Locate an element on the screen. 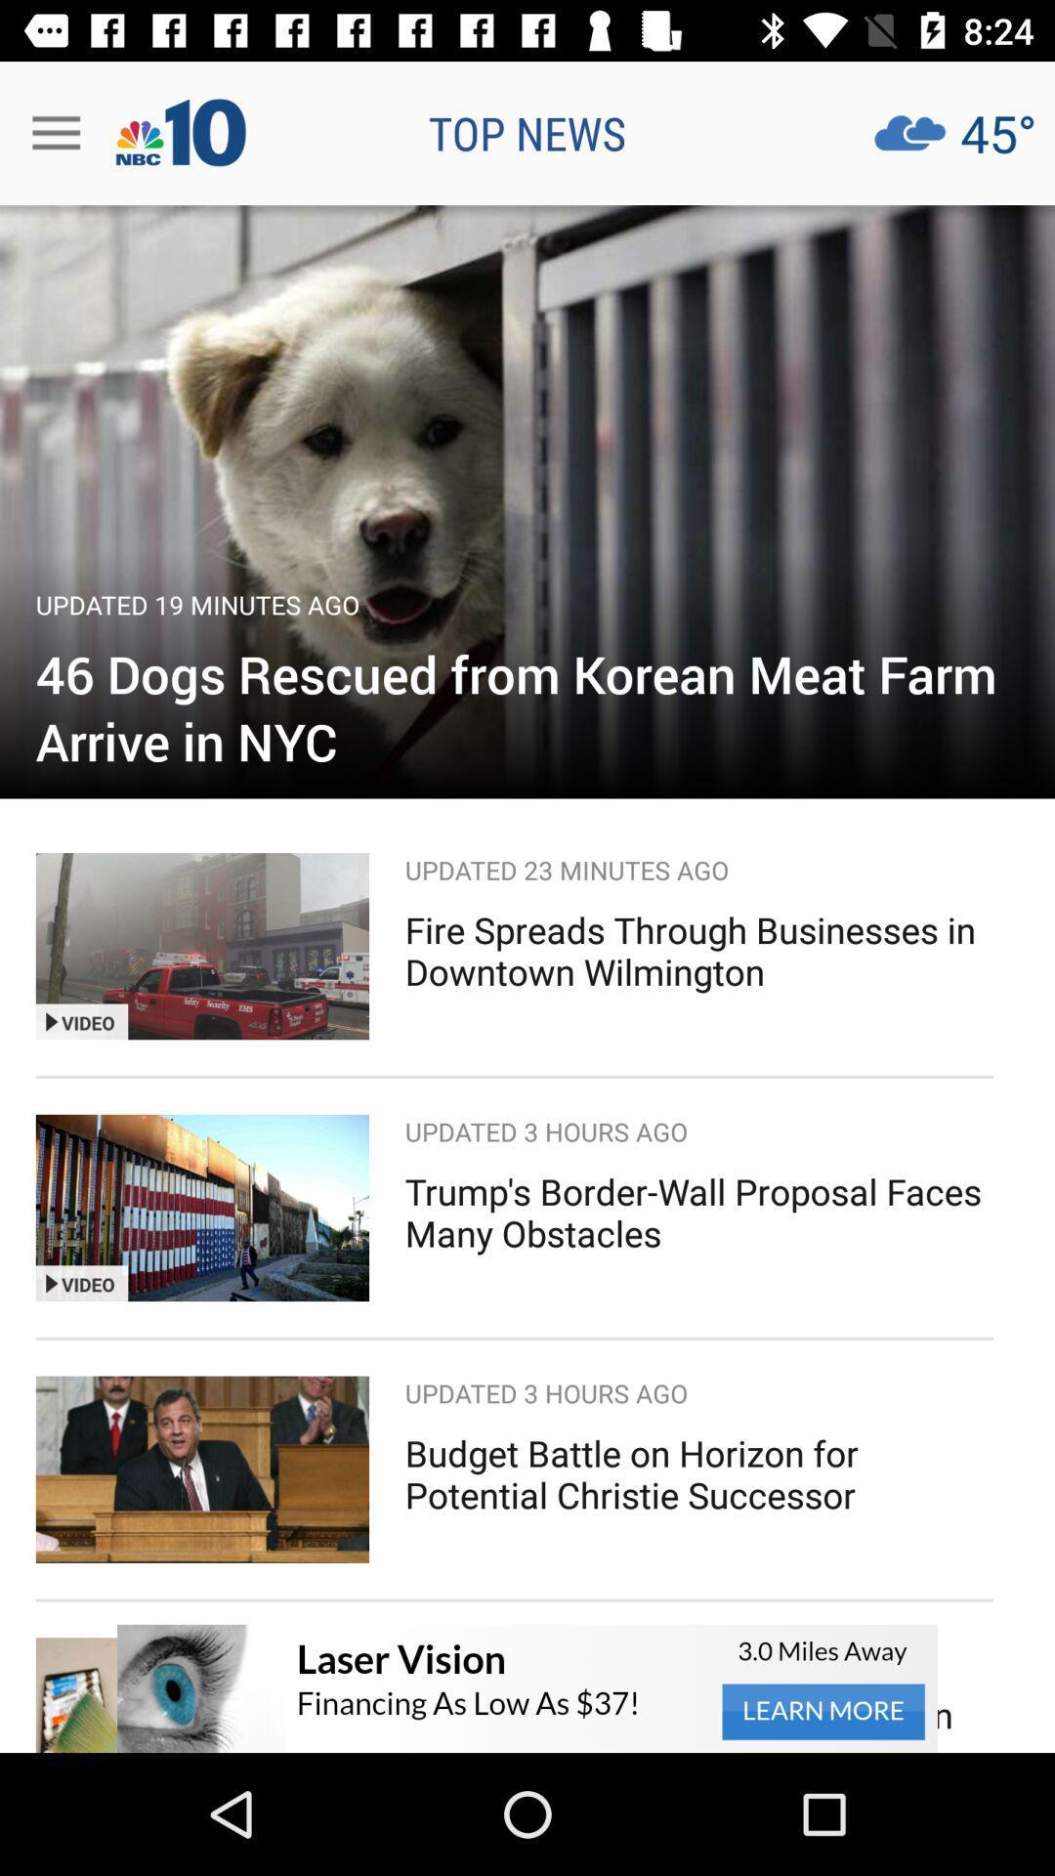  top news icon is located at coordinates (527, 132).